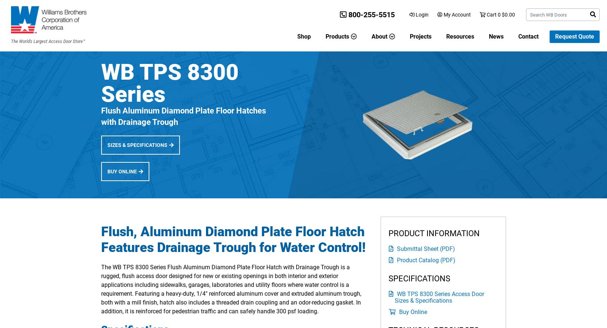  I want to click on 'Flush Aluminum Diamond Plate Floor Hatches with Drainage Trough', so click(183, 116).